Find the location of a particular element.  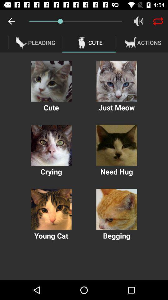

the yellow cat that appears to be begging is located at coordinates (116, 209).